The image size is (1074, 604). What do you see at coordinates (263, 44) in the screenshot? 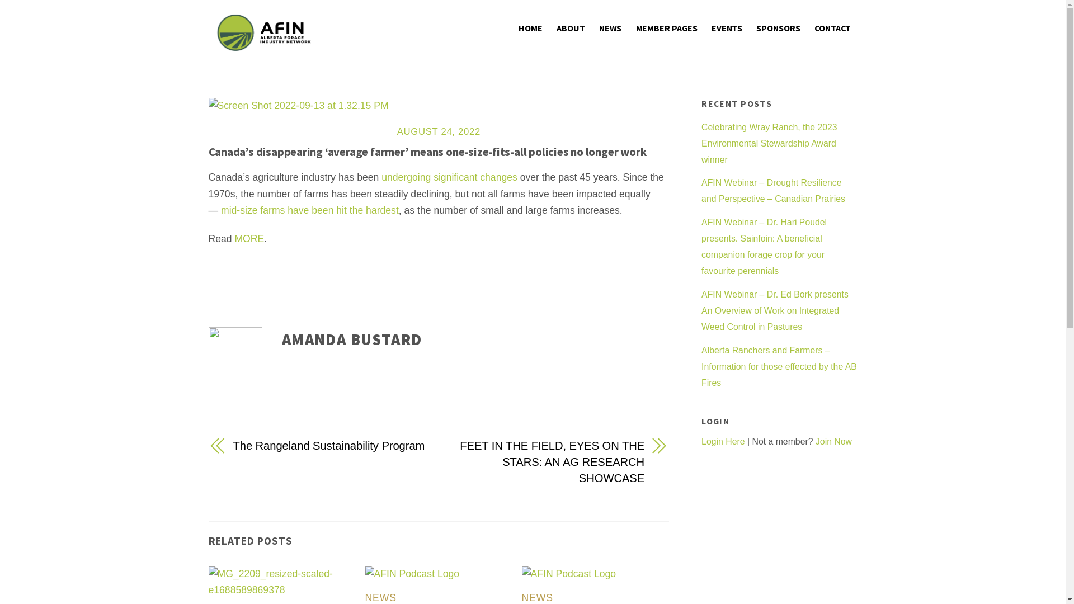
I see `'Alberta Forage Industry Network'` at bounding box center [263, 44].